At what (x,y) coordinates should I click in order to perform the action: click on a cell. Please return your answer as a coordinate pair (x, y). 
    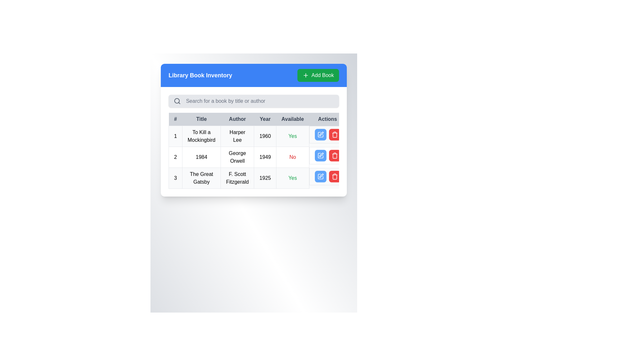
    Looking at the image, I should click on (257, 157).